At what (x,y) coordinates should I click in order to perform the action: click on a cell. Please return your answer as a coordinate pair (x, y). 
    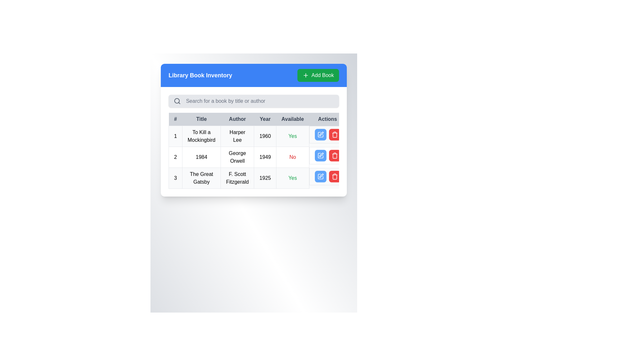
    Looking at the image, I should click on (257, 157).